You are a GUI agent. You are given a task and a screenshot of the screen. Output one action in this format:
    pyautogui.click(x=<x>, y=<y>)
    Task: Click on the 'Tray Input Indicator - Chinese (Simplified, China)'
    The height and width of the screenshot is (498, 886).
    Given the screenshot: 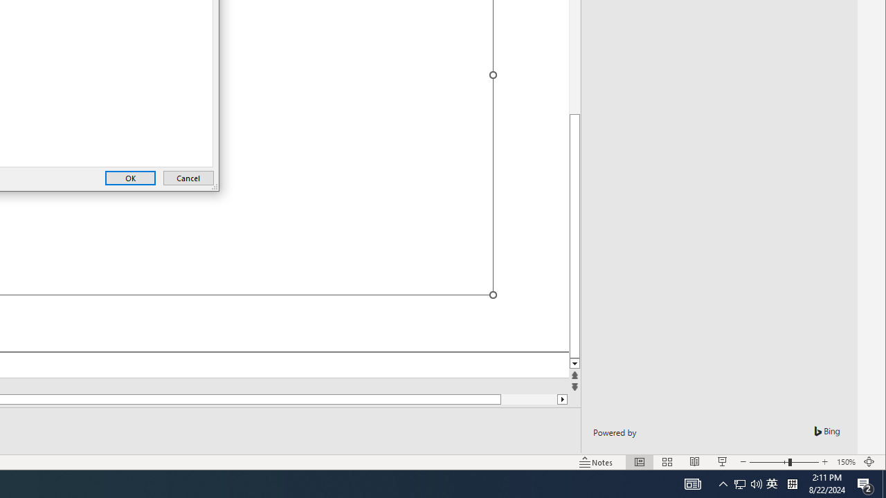 What is the action you would take?
    pyautogui.click(x=792, y=483)
    